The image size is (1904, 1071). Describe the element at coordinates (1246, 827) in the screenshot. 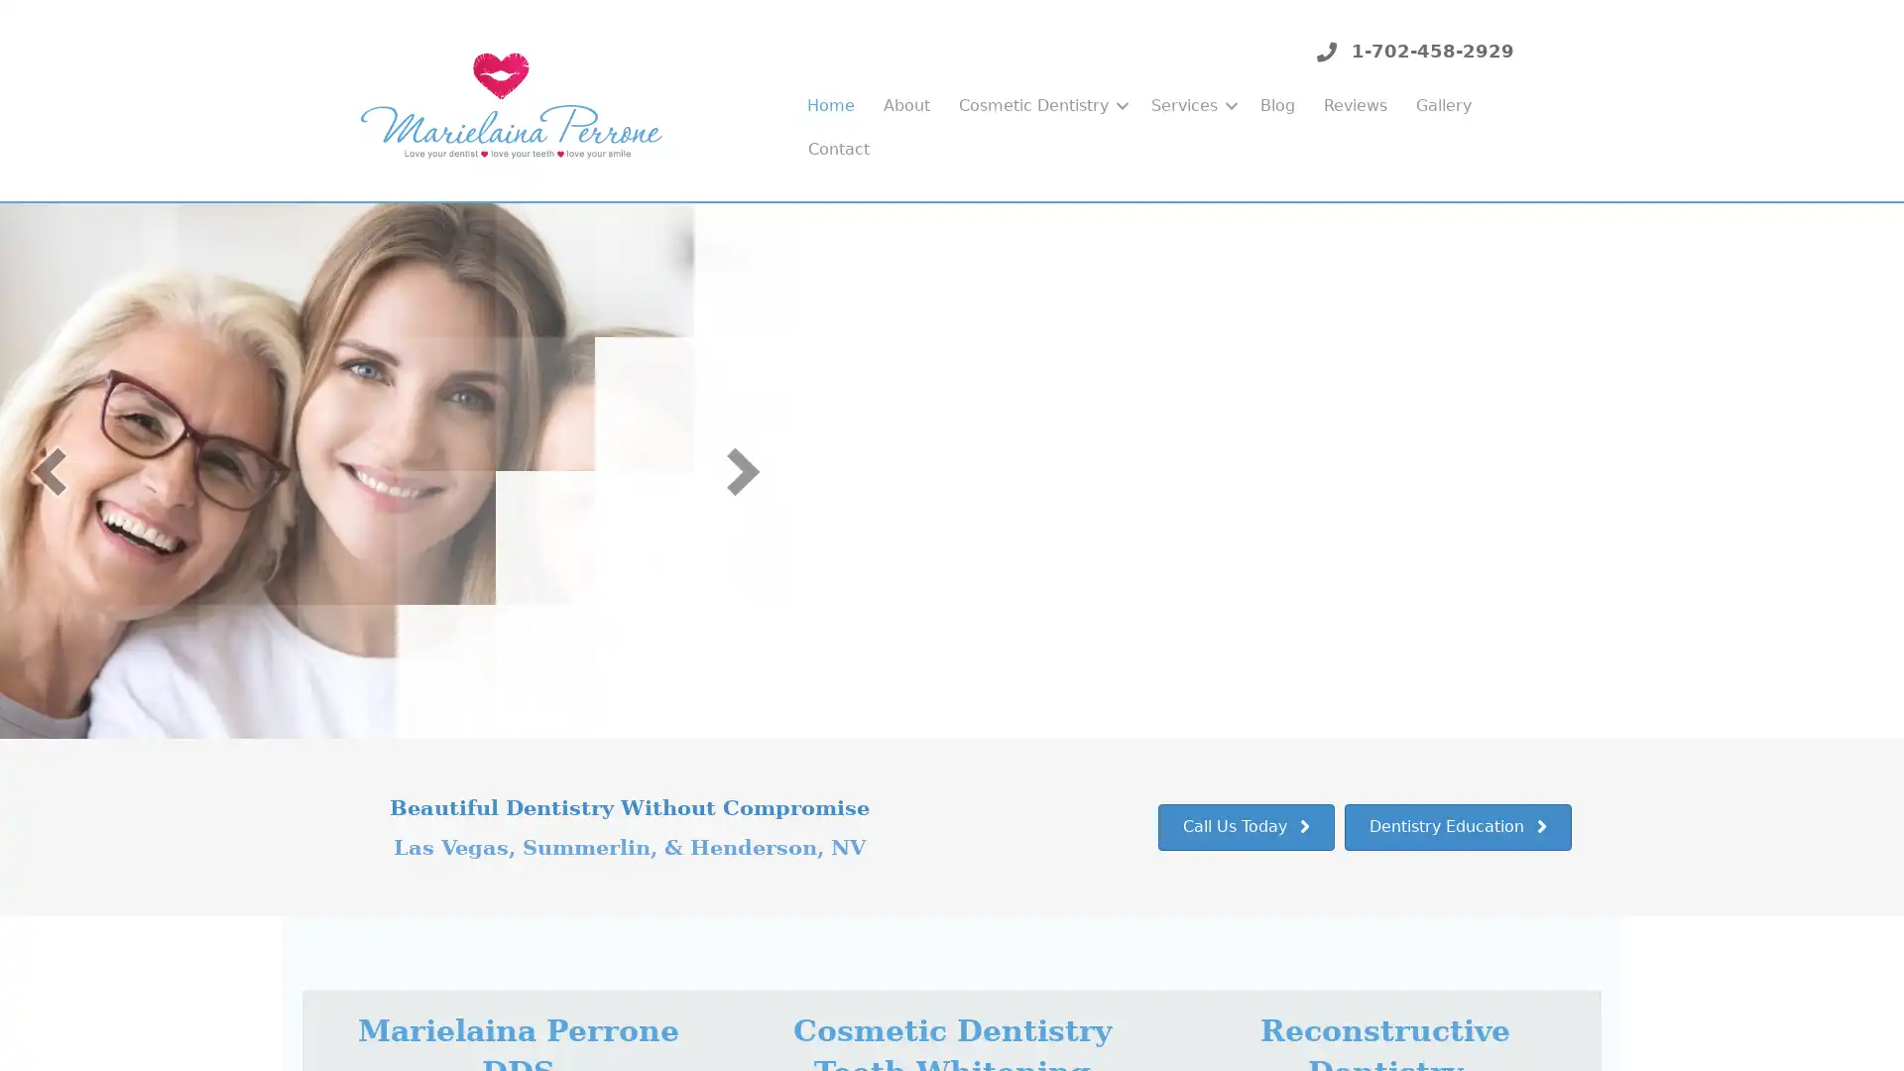

I see `Call Us Today` at that location.